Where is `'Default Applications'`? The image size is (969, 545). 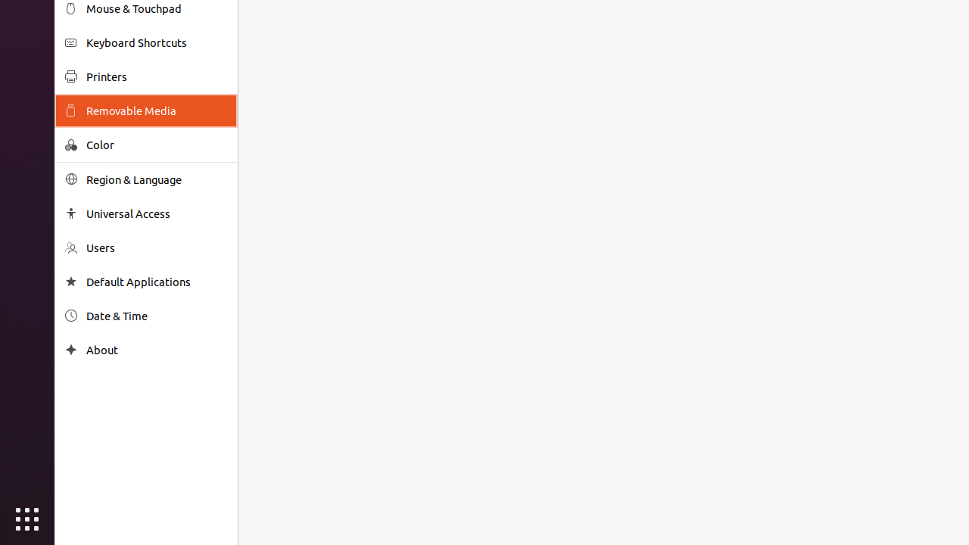 'Default Applications' is located at coordinates (156, 282).